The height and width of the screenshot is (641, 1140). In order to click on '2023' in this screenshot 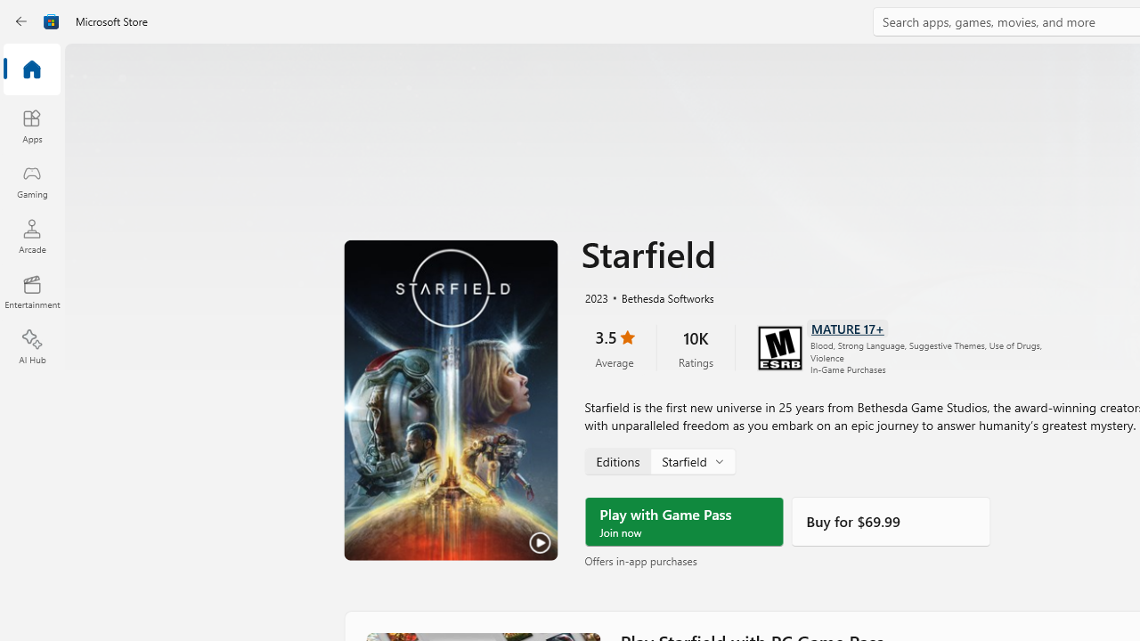, I will do `click(595, 296)`.